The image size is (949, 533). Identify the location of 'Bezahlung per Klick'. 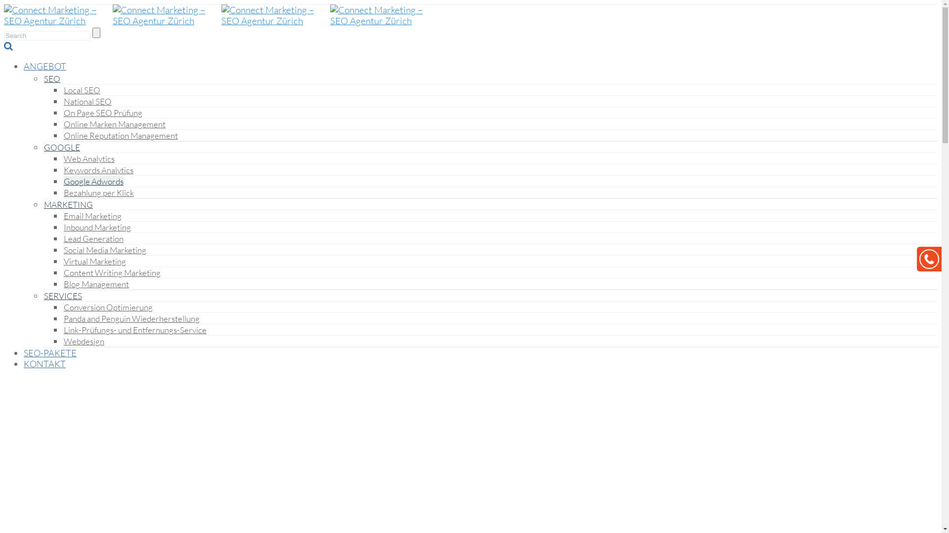
(98, 192).